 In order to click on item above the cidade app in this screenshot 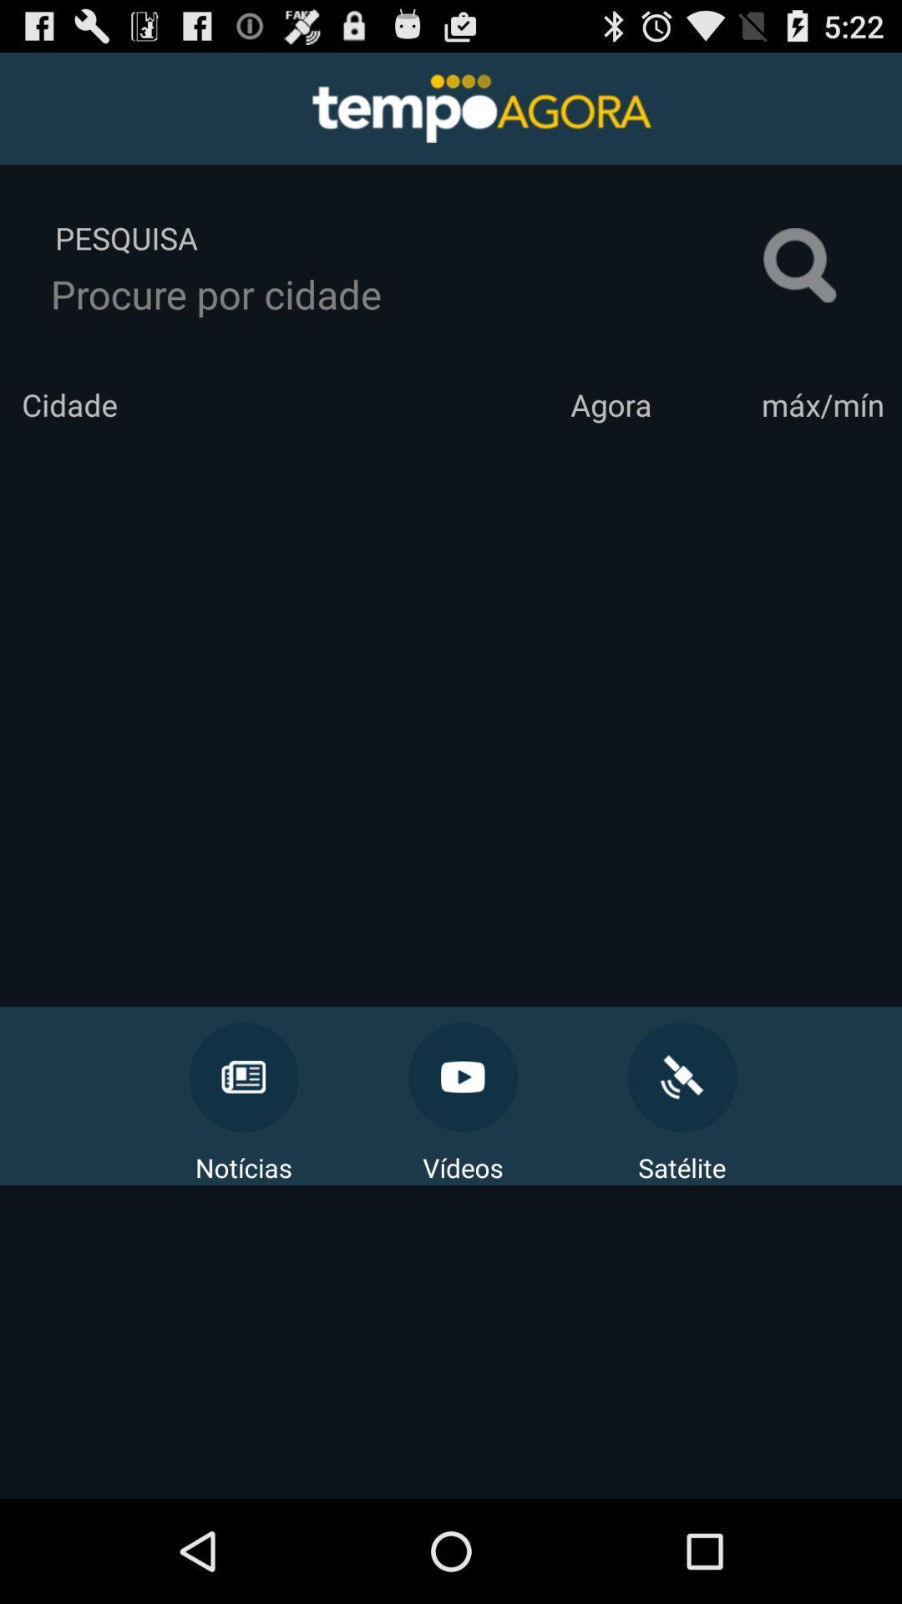, I will do `click(407, 294)`.